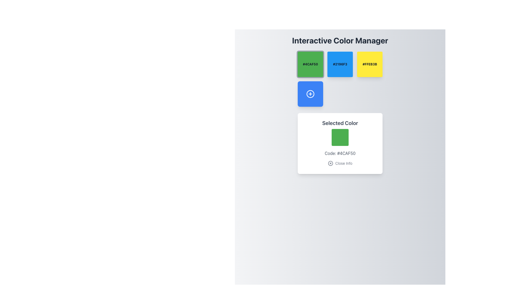 The width and height of the screenshot is (509, 286). I want to click on the 'Close Info' button, which is the last element in the card layout and features a gray text label and an X icon, so click(340, 163).